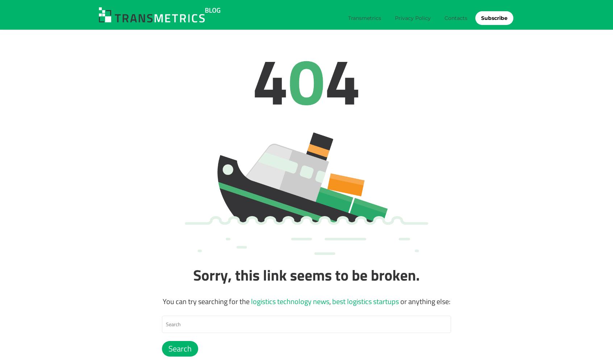 The height and width of the screenshot is (362, 613). What do you see at coordinates (456, 18) in the screenshot?
I see `'Contacts'` at bounding box center [456, 18].